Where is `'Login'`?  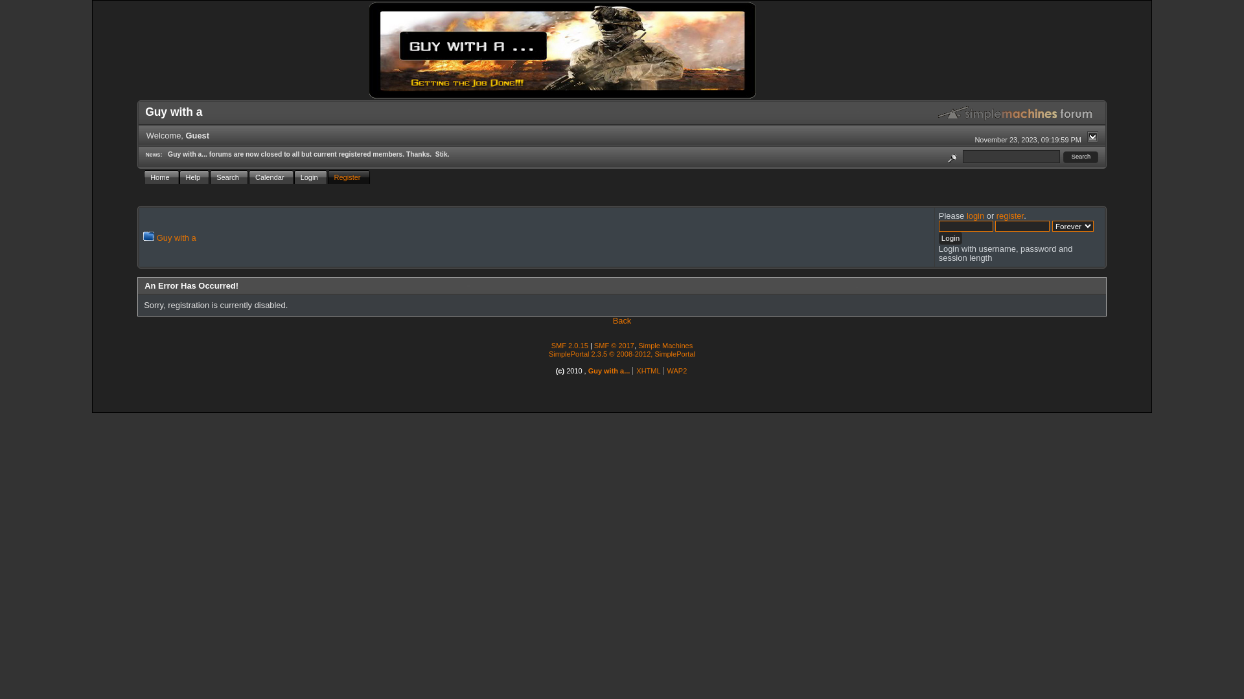 'Login' is located at coordinates (939, 238).